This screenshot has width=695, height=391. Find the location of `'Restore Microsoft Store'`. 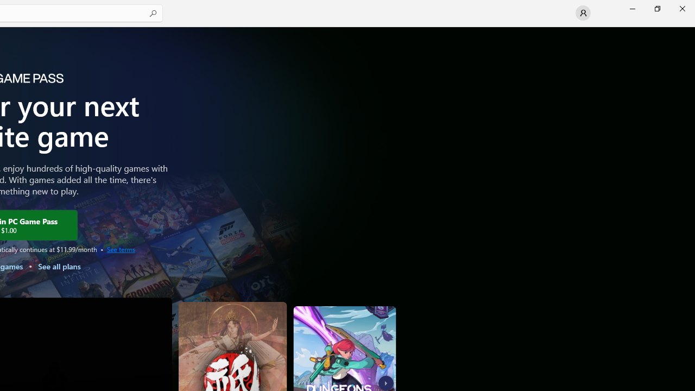

'Restore Microsoft Store' is located at coordinates (656, 8).